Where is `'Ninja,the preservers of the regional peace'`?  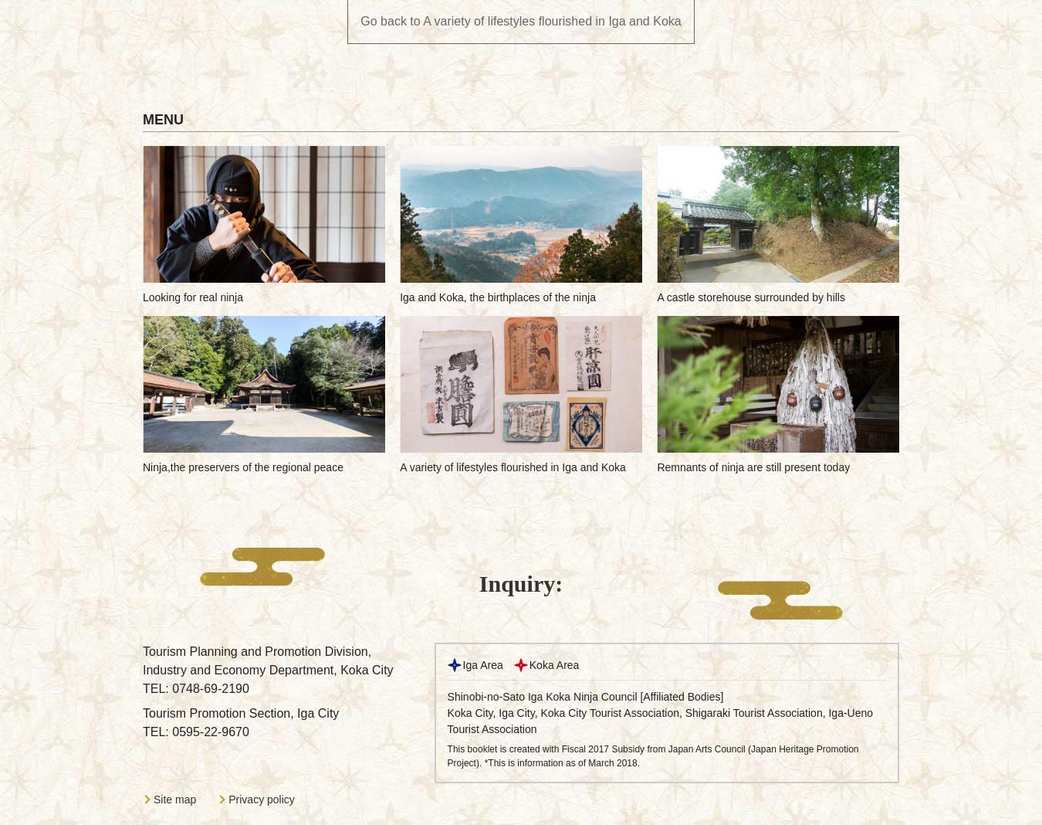 'Ninja,the preservers of the regional peace' is located at coordinates (242, 467).